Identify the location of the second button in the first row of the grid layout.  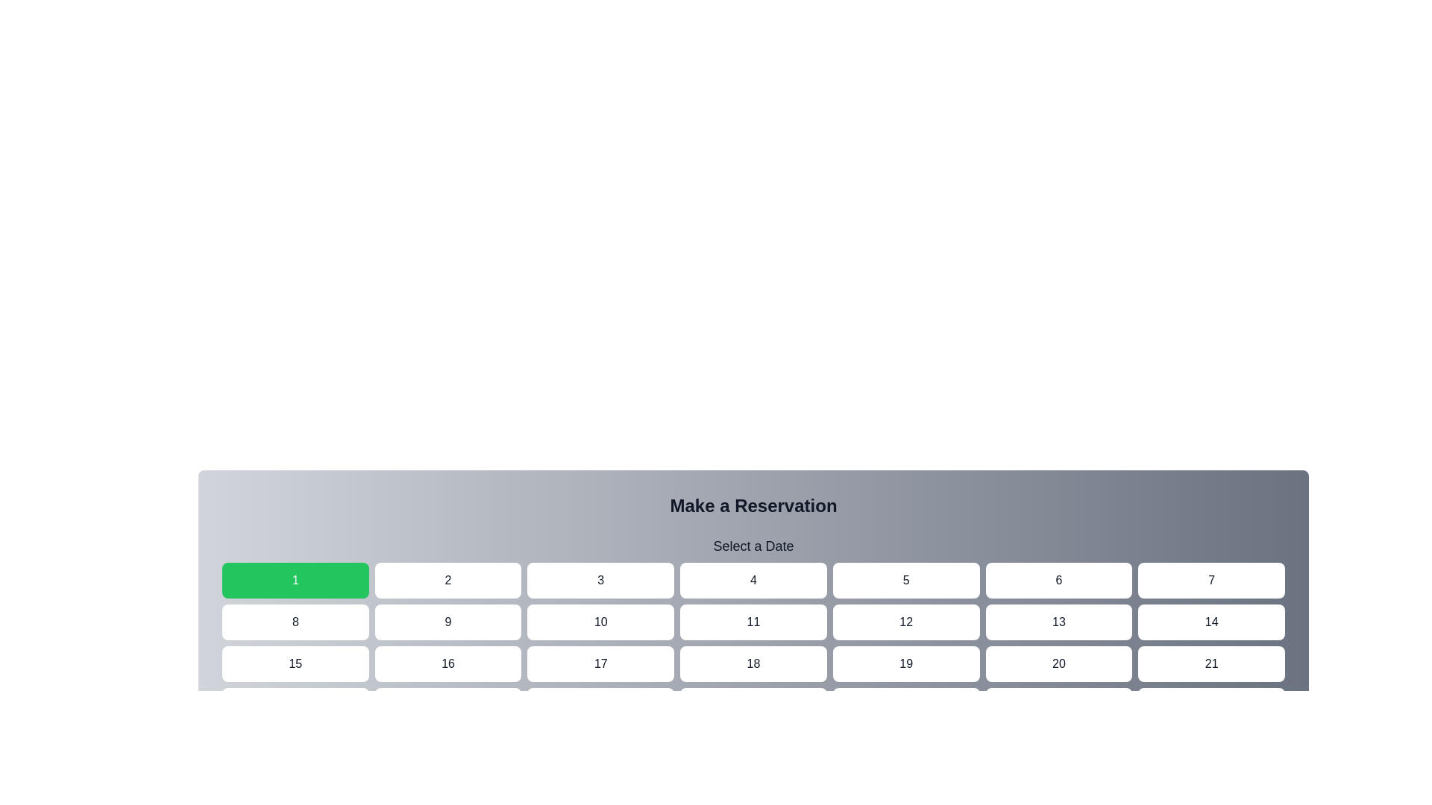
(447, 580).